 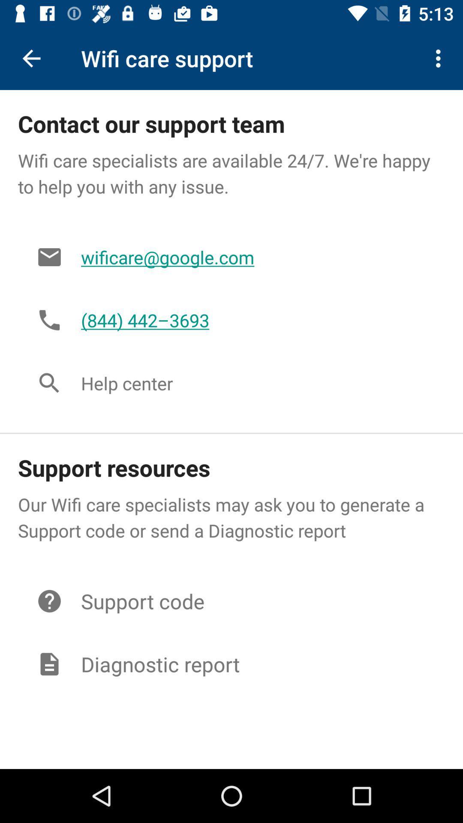 What do you see at coordinates (253, 257) in the screenshot?
I see `the item below the wifi care specialists` at bounding box center [253, 257].